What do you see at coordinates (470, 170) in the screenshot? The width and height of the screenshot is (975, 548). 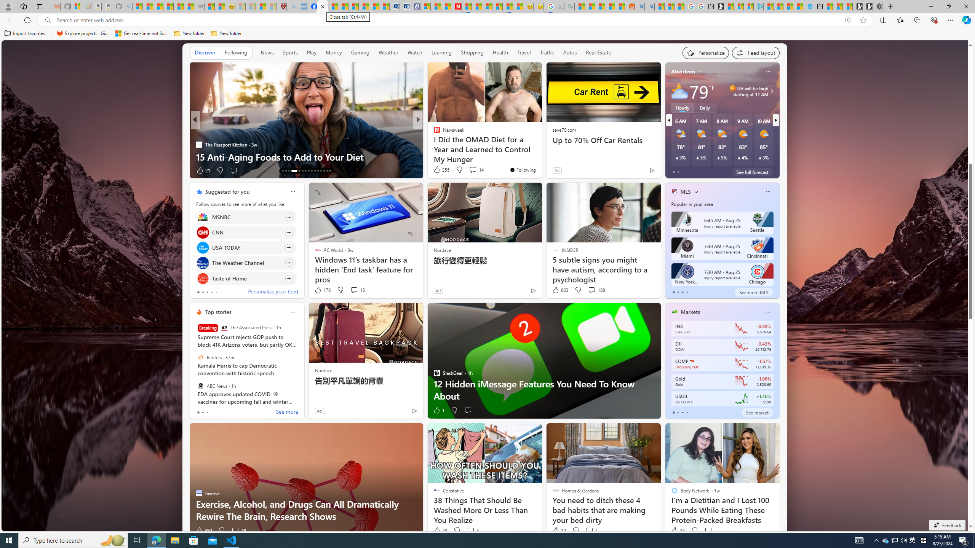 I see `'View comments 24 Comment'` at bounding box center [470, 170].